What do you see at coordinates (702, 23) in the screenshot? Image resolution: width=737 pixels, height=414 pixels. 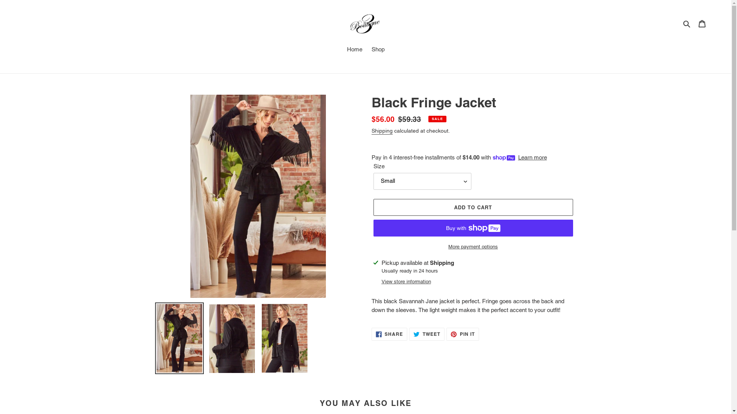 I see `'Cart'` at bounding box center [702, 23].